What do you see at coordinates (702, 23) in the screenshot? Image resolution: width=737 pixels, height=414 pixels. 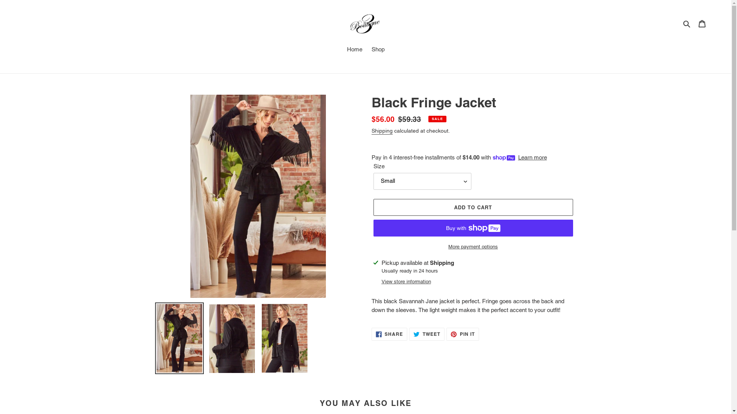 I see `'Cart'` at bounding box center [702, 23].